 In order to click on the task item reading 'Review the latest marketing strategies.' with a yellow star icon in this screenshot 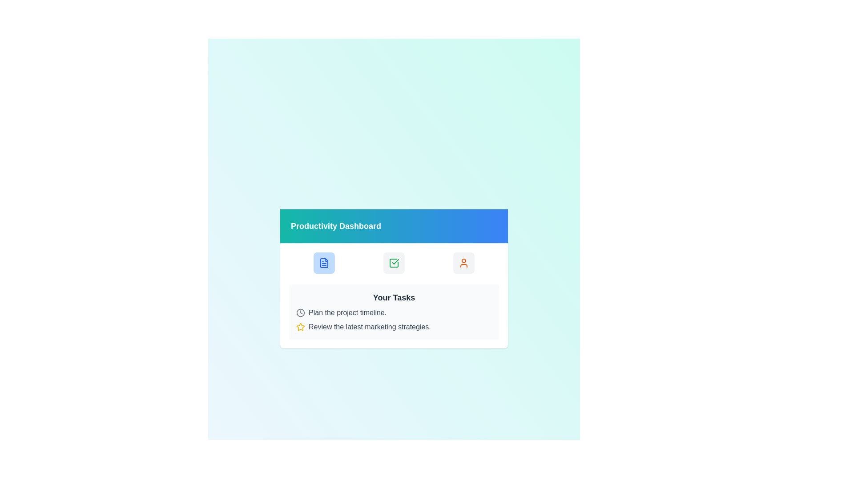, I will do `click(394, 327)`.